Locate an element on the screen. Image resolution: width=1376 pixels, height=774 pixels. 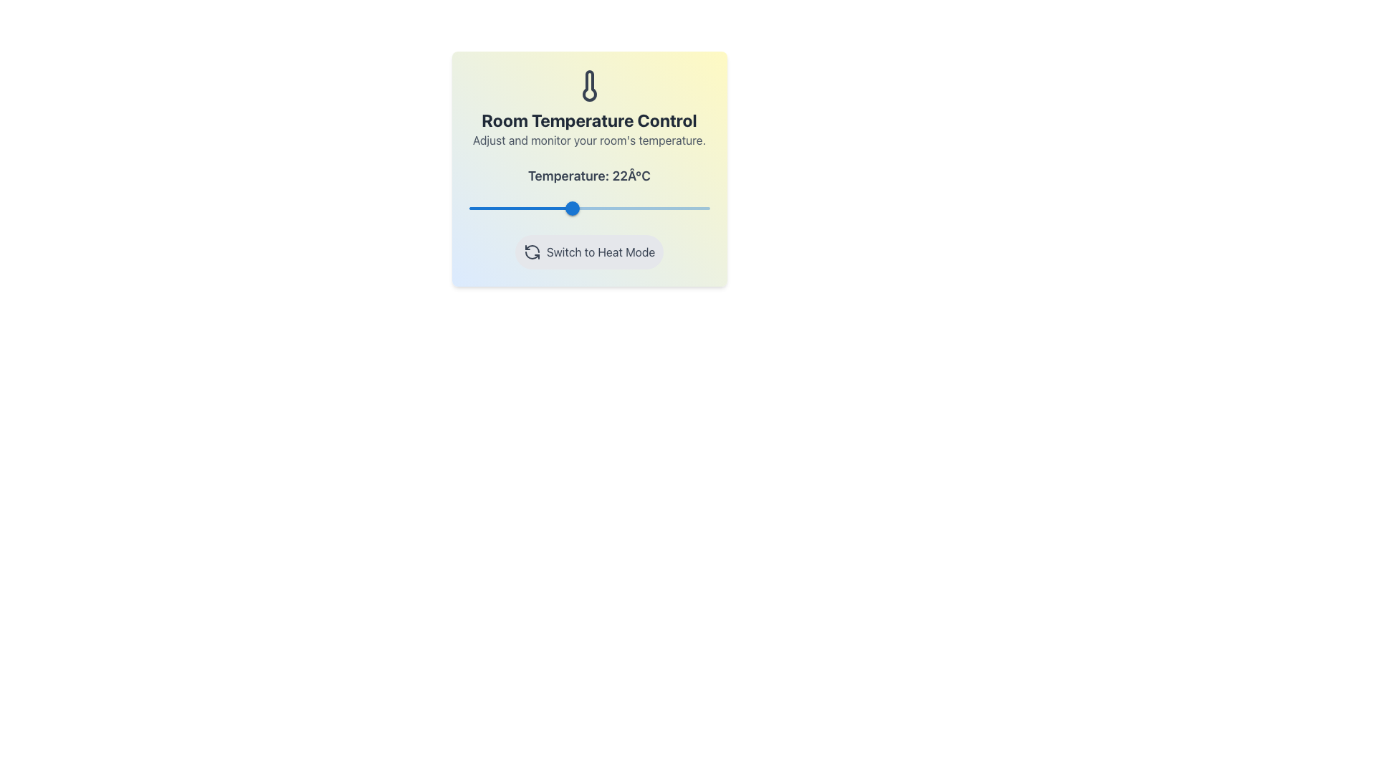
the temperature is located at coordinates (528, 208).